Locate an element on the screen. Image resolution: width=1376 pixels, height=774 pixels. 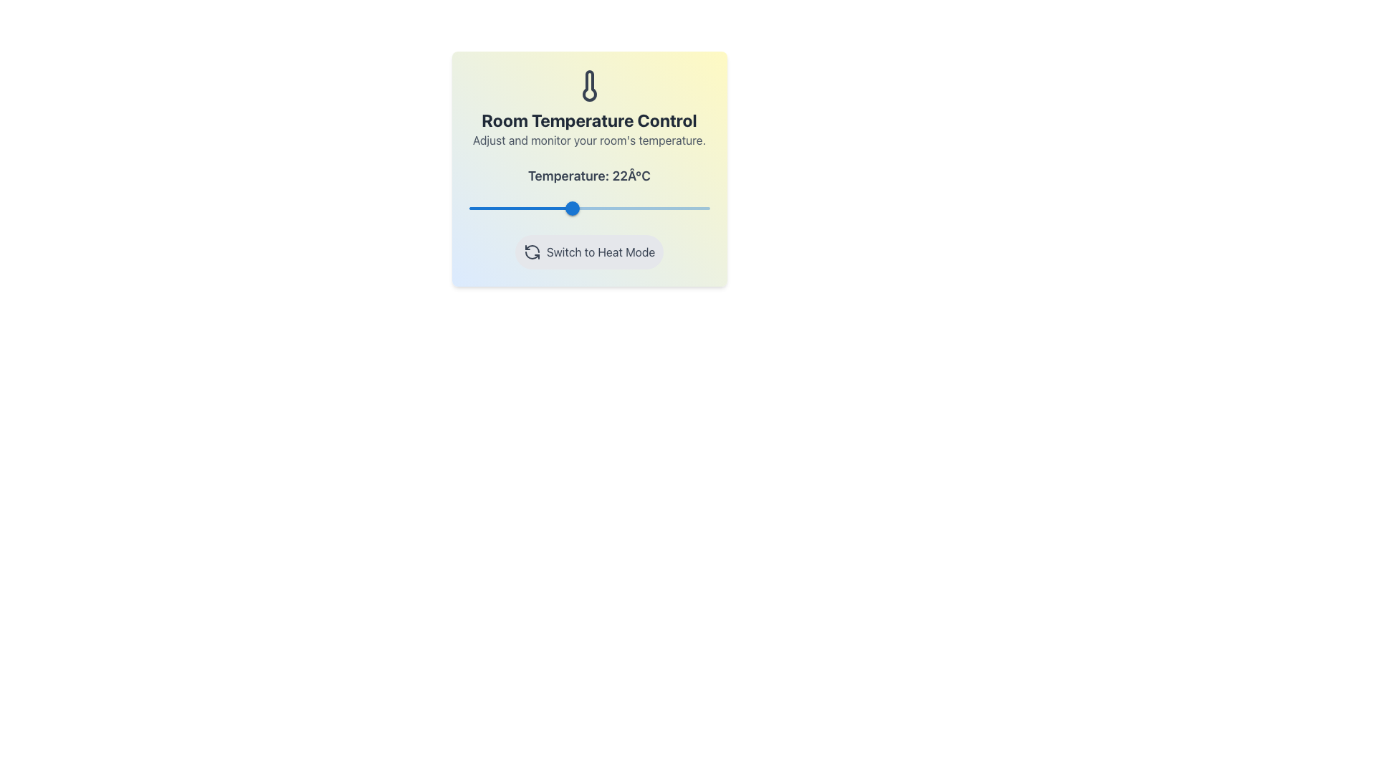
the temperature is located at coordinates (528, 208).